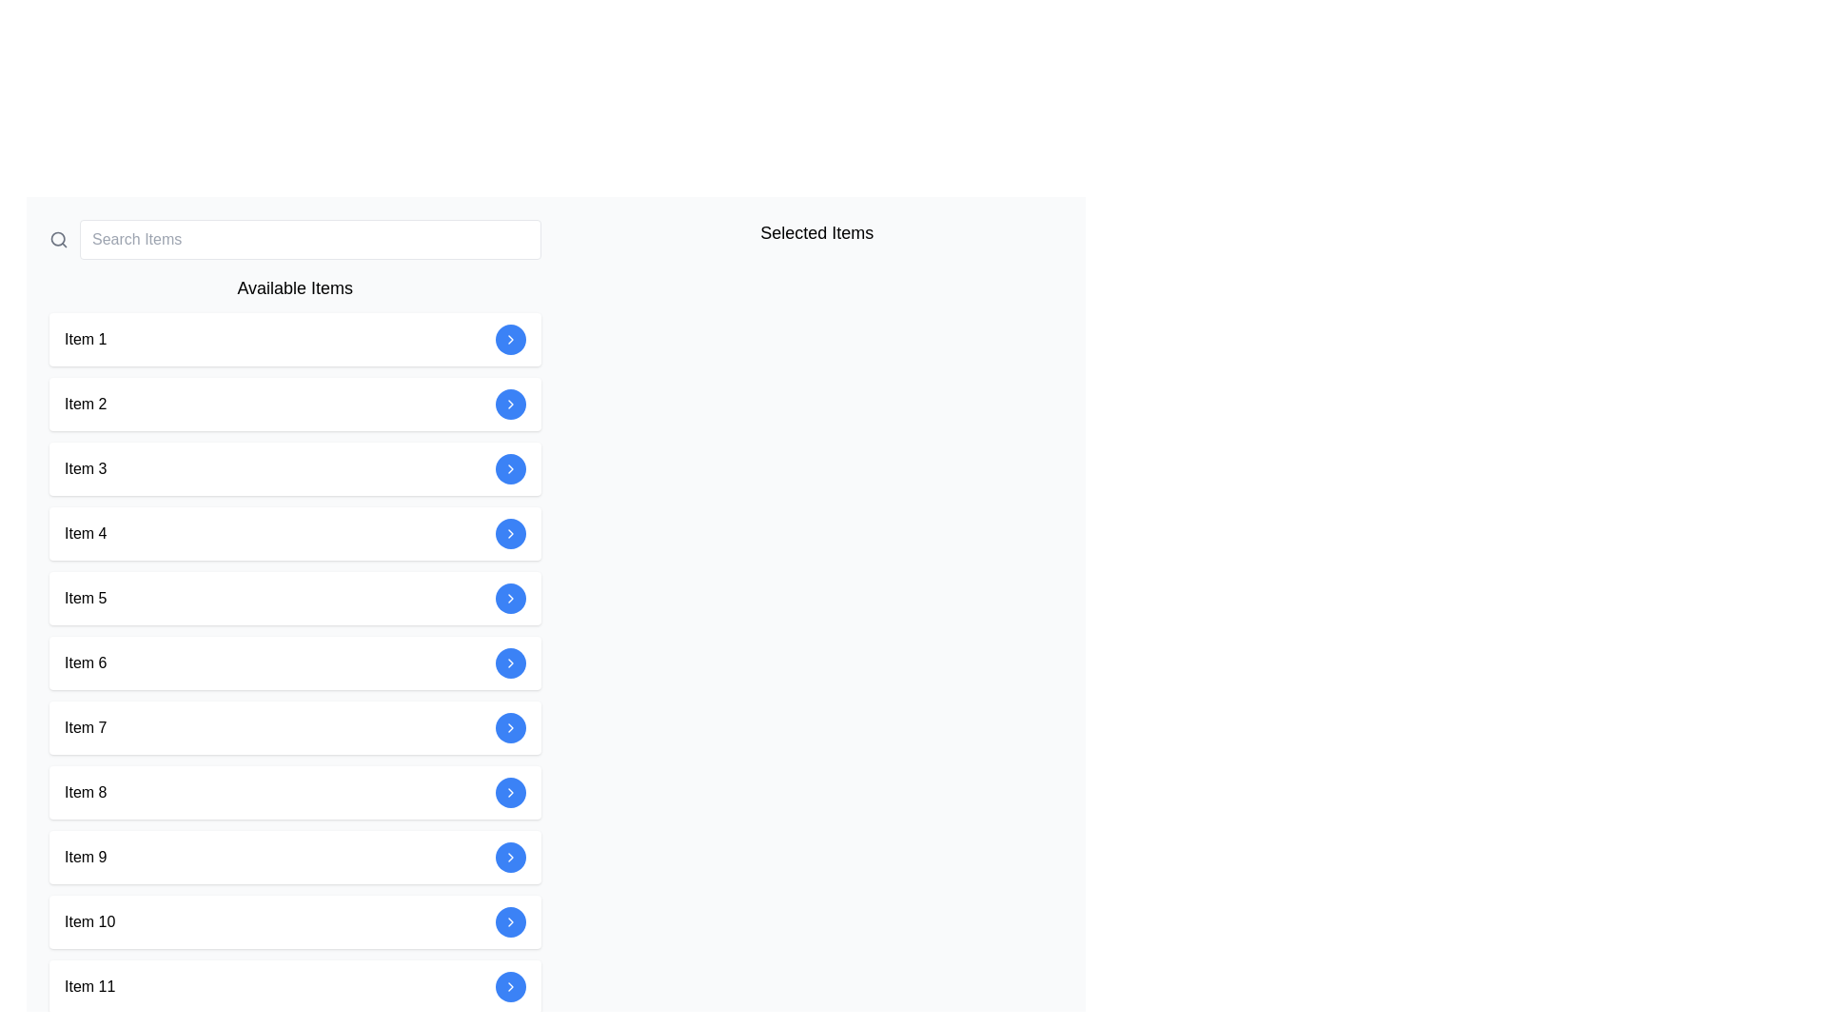 Image resolution: width=1827 pixels, height=1028 pixels. I want to click on the text label displaying 'Item 11' located at the bottom of the 'Available Items' list in the left column, so click(88, 986).